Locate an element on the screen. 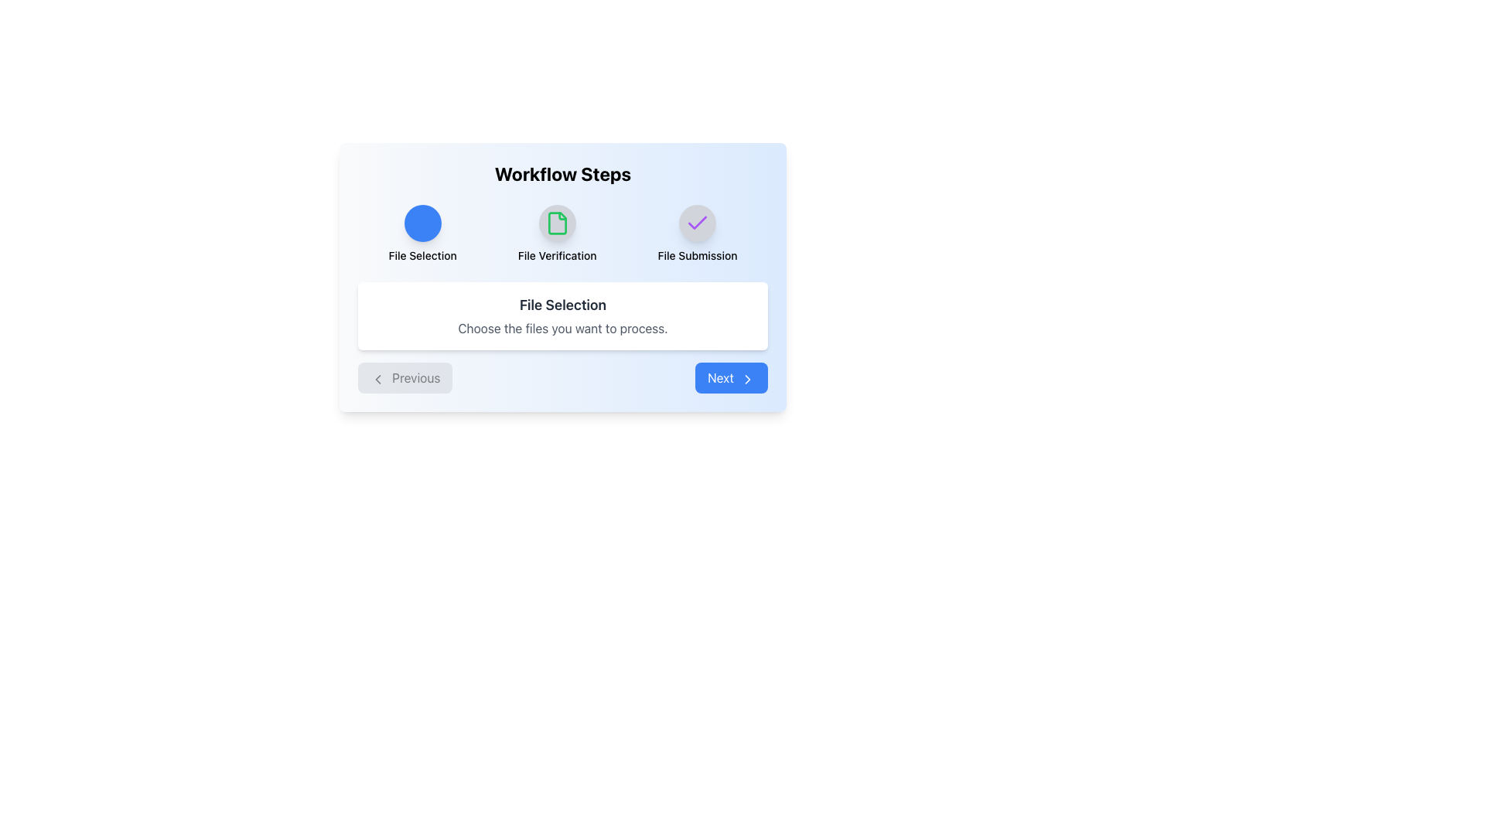  the 'File Submission' text label, which is centrally aligned below a circular checkmark icon and is the last item in a sequence of three workflow steps is located at coordinates (697, 255).